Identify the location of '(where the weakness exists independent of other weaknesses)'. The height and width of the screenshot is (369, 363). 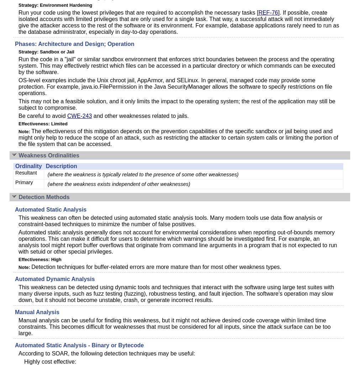
(119, 184).